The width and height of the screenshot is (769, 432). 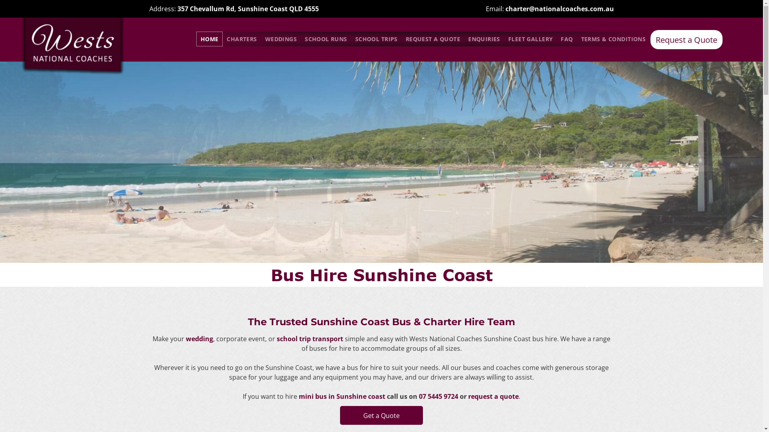 I want to click on '357 Chevallum Rd, Sunshine Coast QLD 4555', so click(x=247, y=9).